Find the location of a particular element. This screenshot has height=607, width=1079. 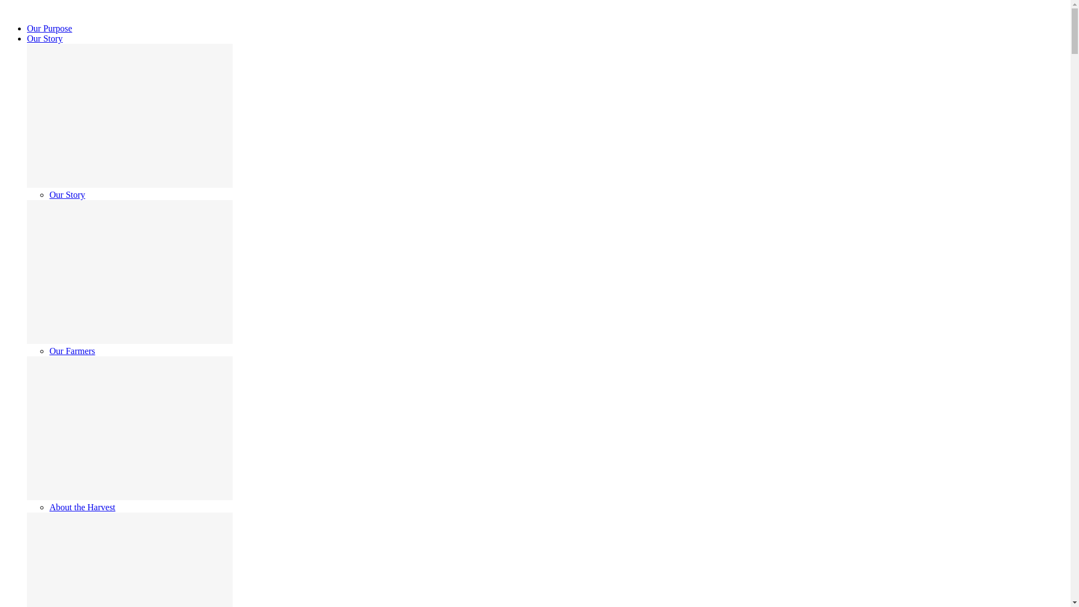

'Our Purpose' is located at coordinates (48, 28).